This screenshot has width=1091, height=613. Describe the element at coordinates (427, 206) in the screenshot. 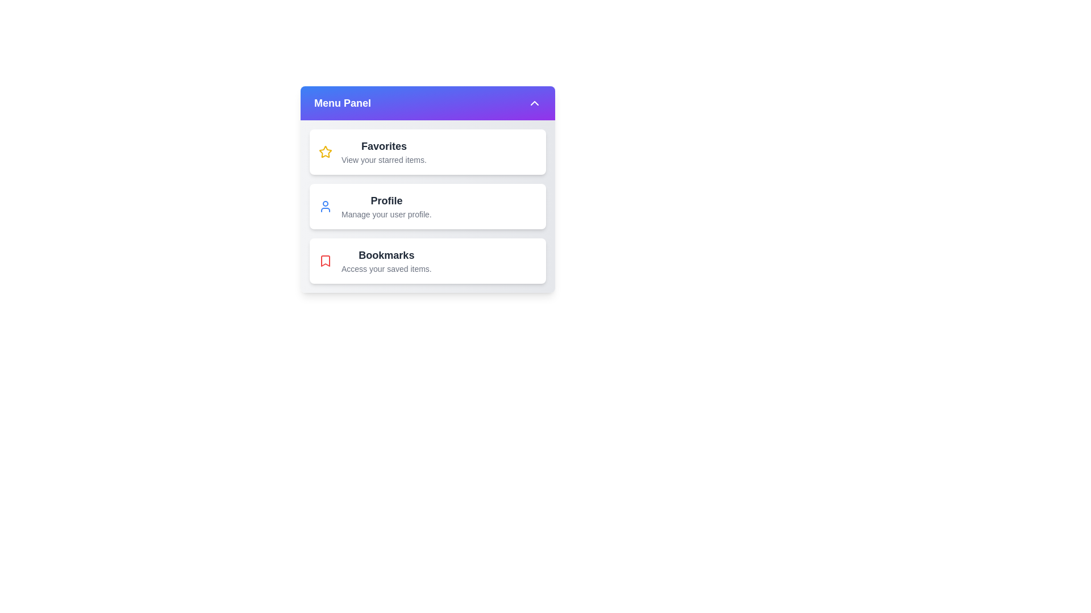

I see `the 'Profile' item in the menu` at that location.